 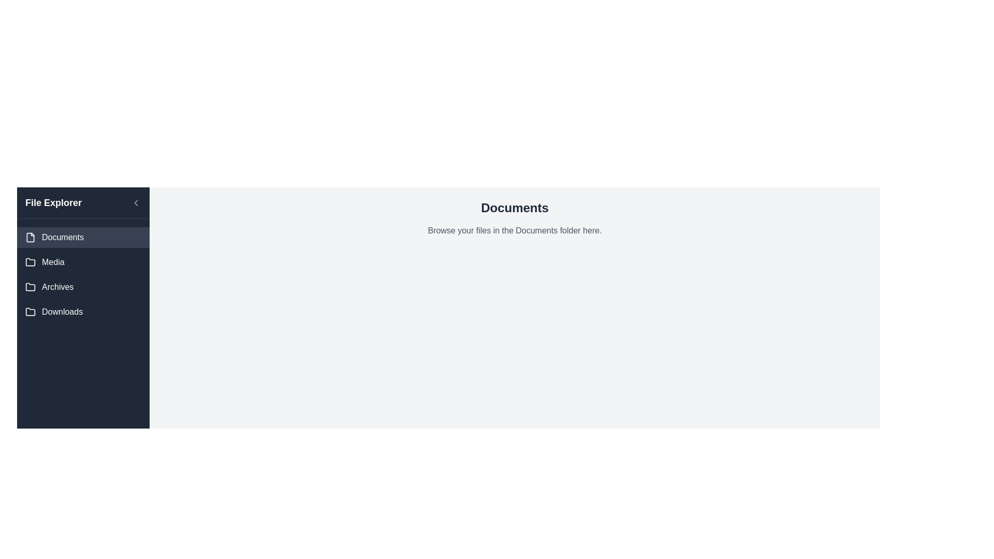 I want to click on the 'Media' button, which is the second entry in the vertical sidebar menu, positioned below 'Documents' and above 'Archives', so click(x=83, y=261).